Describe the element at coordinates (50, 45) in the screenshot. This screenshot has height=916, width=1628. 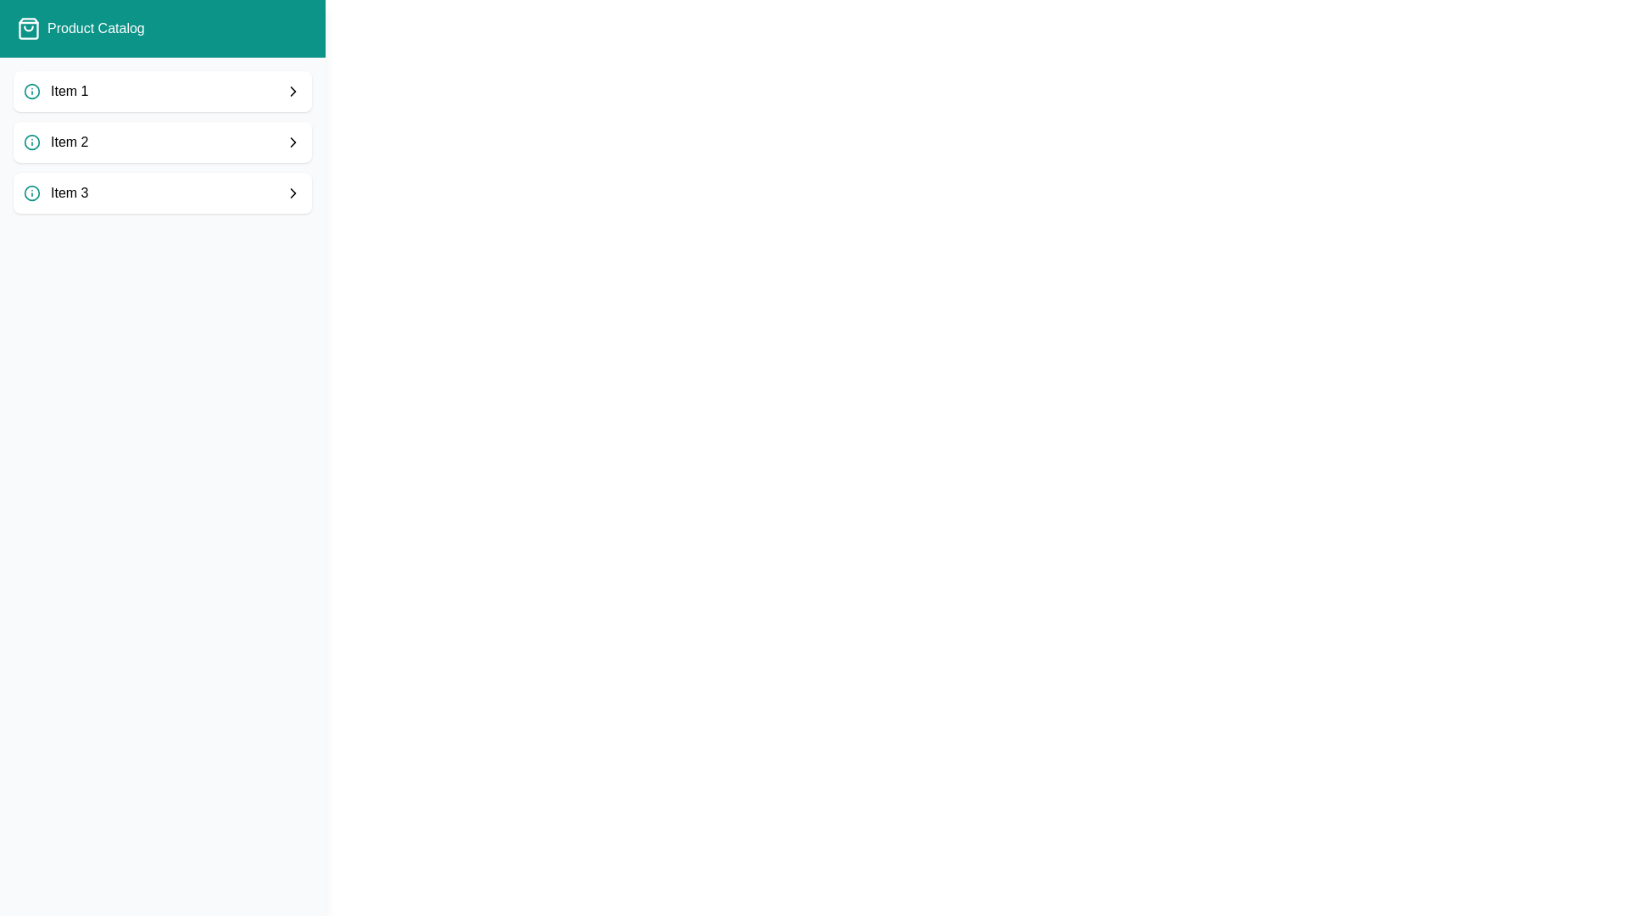
I see `'Catalog' button at the top-left corner to toggle the drawer visibility` at that location.